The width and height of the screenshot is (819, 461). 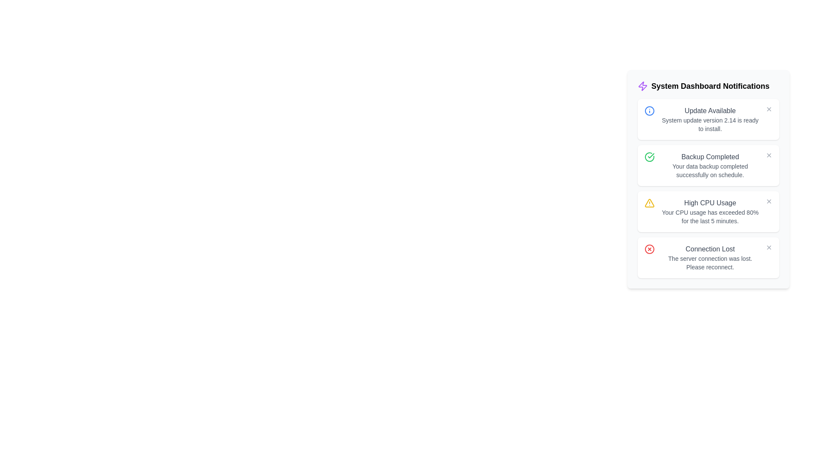 I want to click on the fourth 'X' icon button in the notification panel, so click(x=769, y=247).